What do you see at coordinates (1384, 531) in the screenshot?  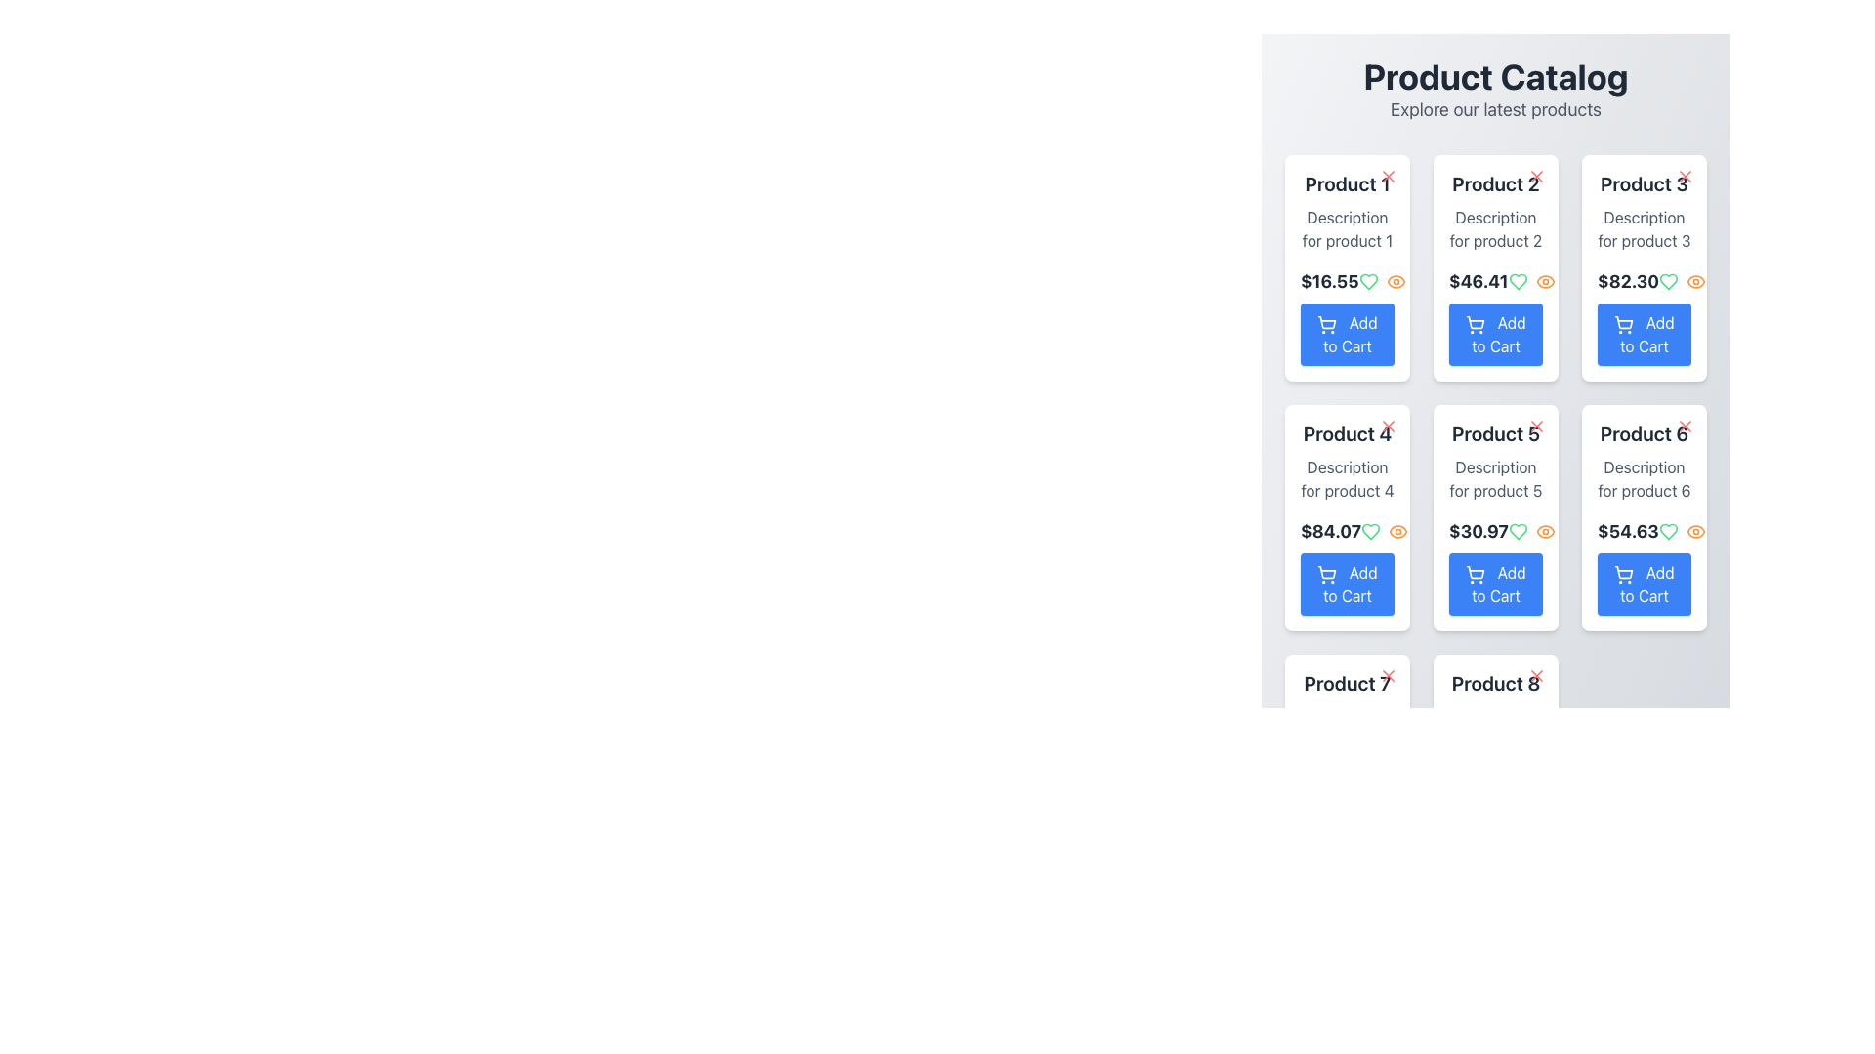 I see `the heart icon in the icon group next to the price '$84.07' for 'Product 4' to mark it as a favorite` at bounding box center [1384, 531].